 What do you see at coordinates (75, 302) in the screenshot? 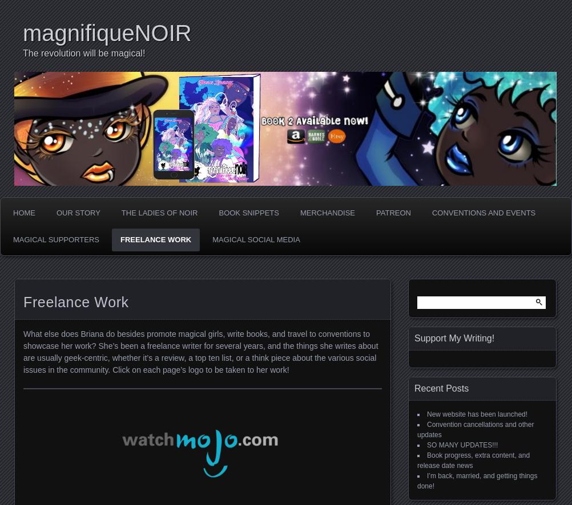
I see `'Freelance Work'` at bounding box center [75, 302].